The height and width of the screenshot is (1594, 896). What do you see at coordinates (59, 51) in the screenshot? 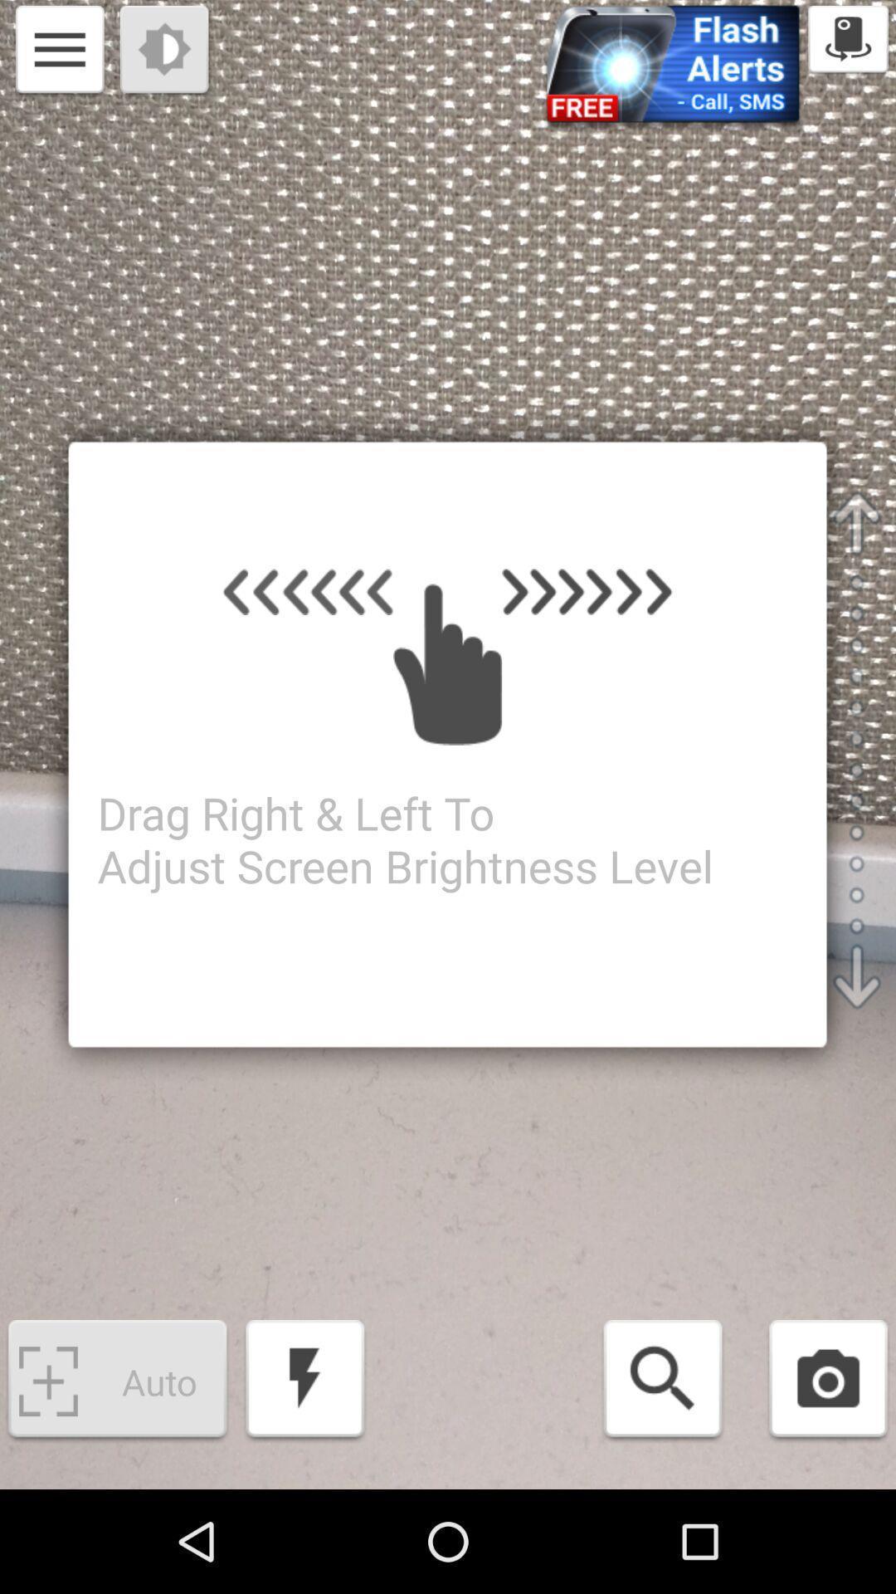
I see `options` at bounding box center [59, 51].